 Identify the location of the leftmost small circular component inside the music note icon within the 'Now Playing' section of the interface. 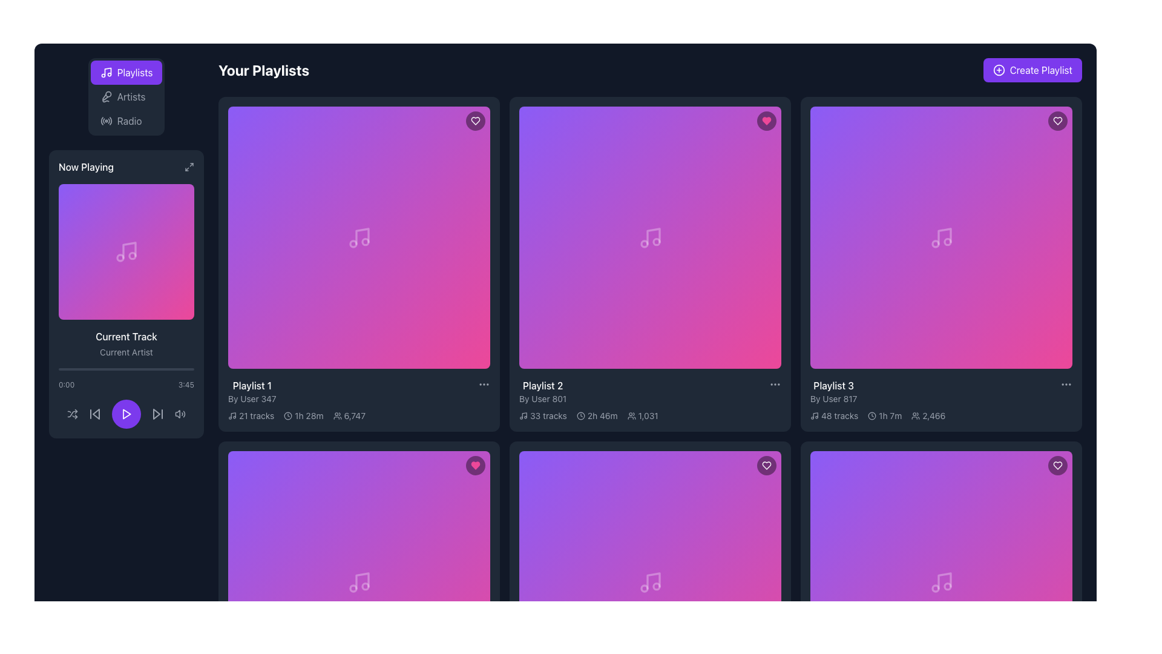
(120, 257).